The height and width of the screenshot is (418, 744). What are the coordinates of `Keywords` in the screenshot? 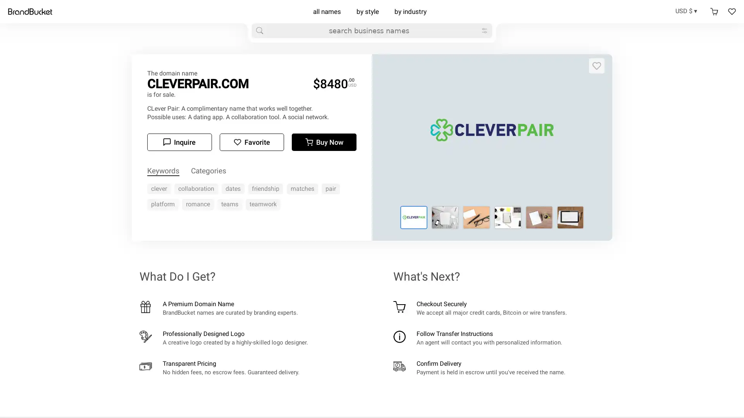 It's located at (163, 170).